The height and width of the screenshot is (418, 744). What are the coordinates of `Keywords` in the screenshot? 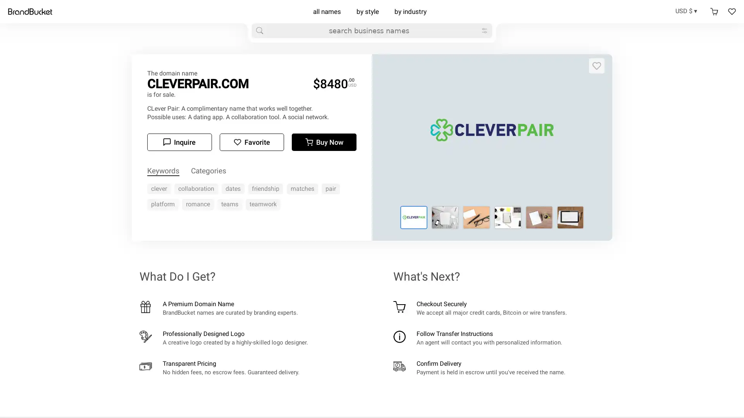 It's located at (163, 170).